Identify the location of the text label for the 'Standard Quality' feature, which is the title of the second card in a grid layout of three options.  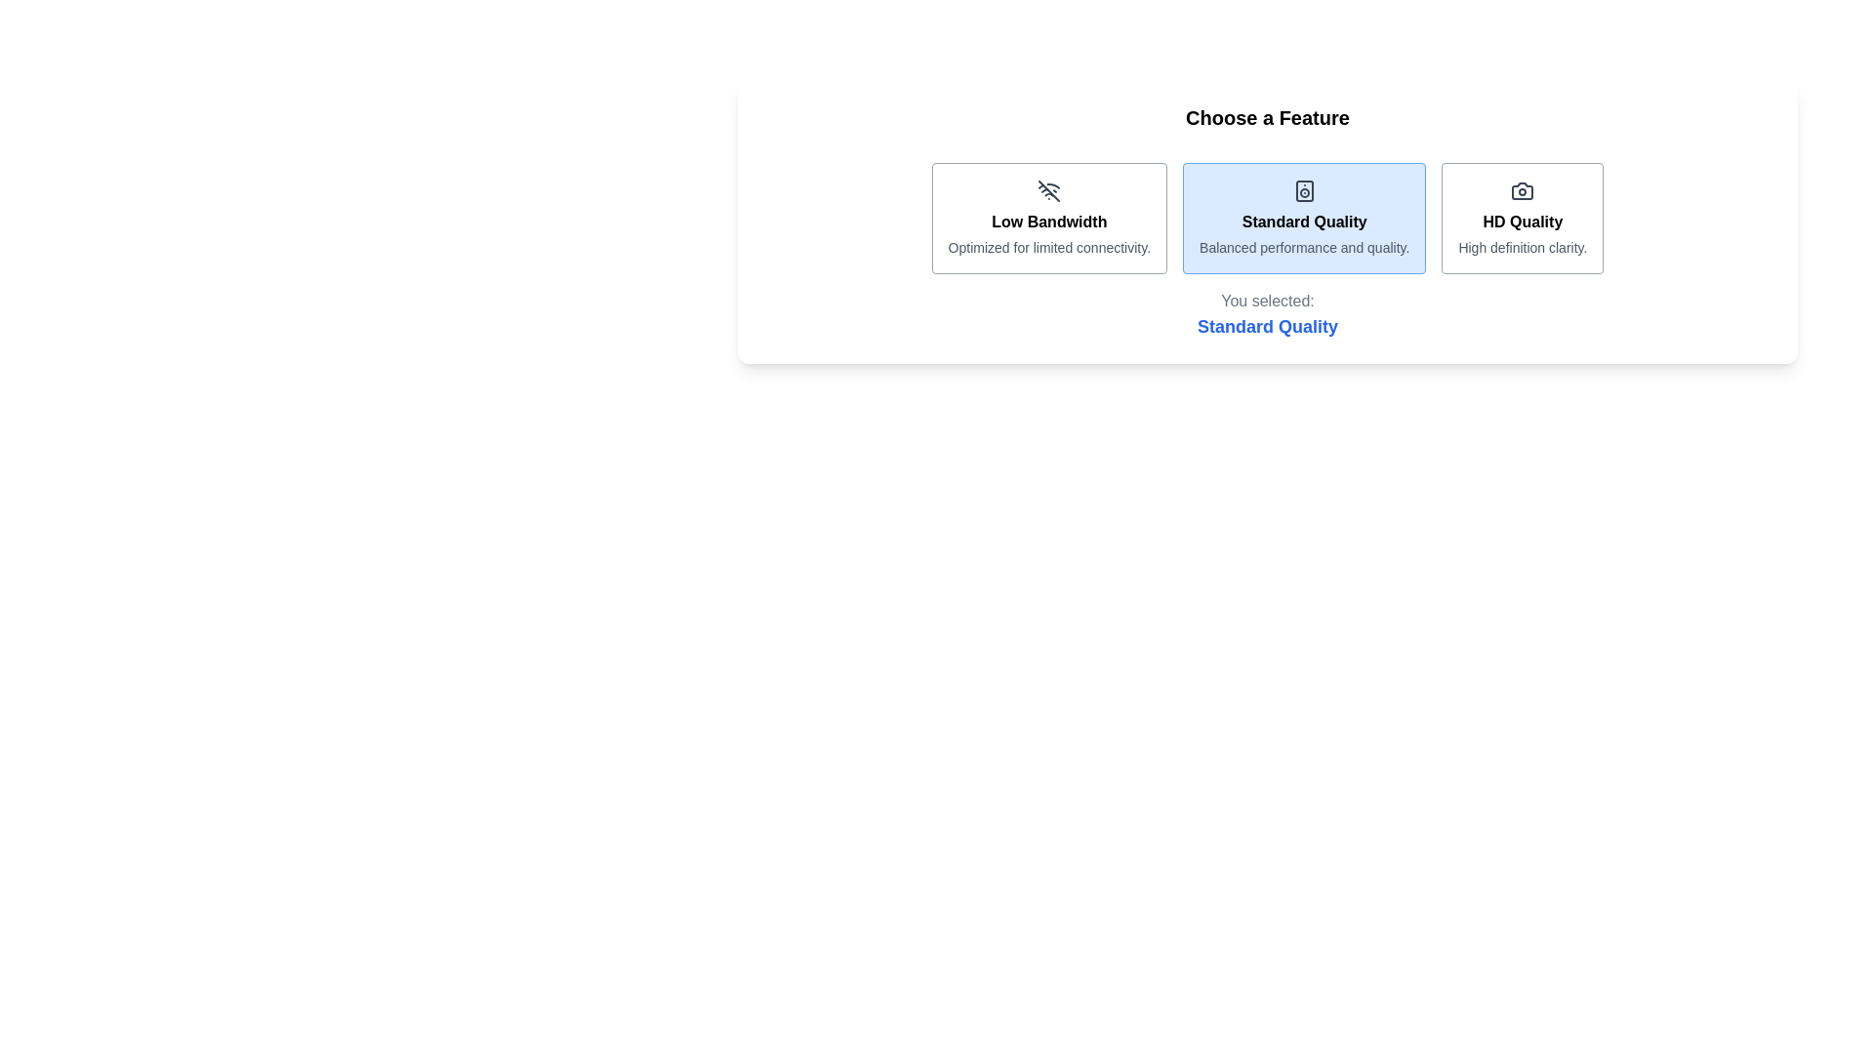
(1304, 221).